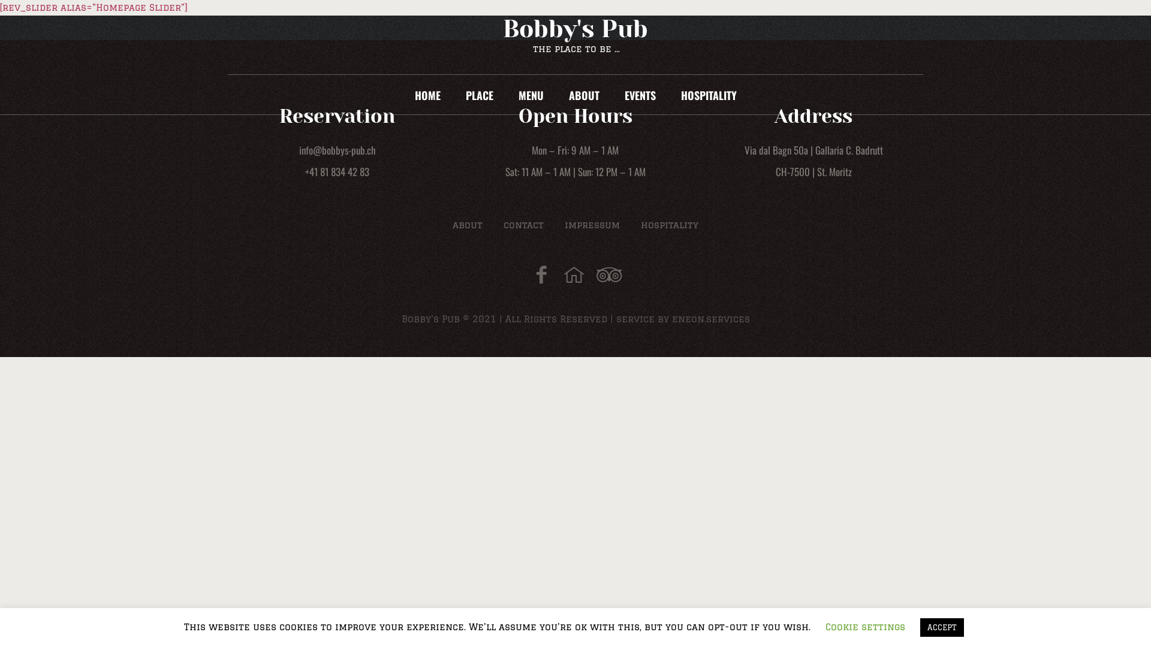 This screenshot has width=1151, height=647. What do you see at coordinates (466, 225) in the screenshot?
I see `'about'` at bounding box center [466, 225].